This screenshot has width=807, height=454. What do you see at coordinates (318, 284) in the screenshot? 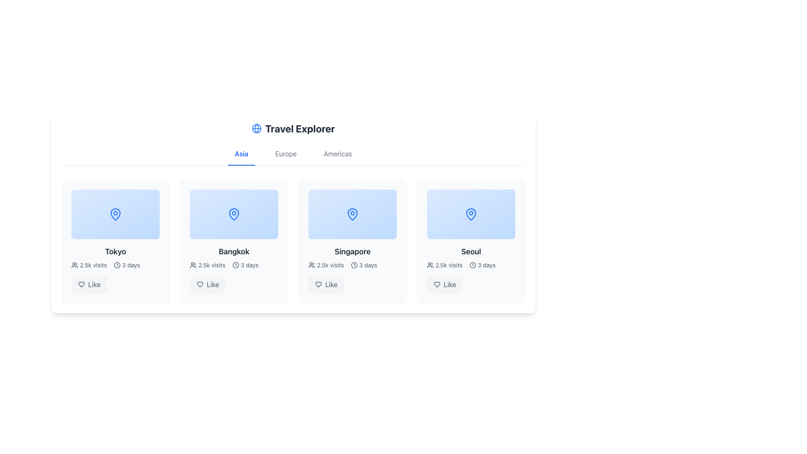
I see `the heart icon representing the 'Like' action located at the bottom section of the card labeled 'Singapore'` at bounding box center [318, 284].